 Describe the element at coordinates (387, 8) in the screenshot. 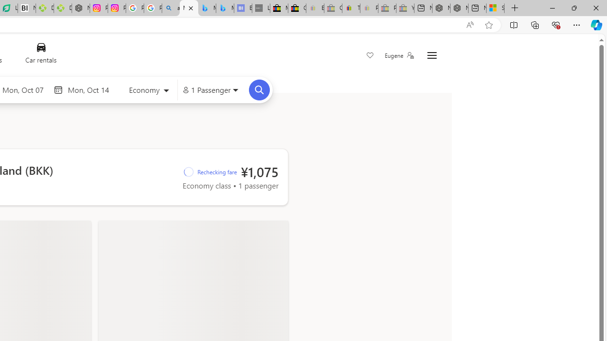

I see `'Press Room - eBay Inc. - Sleeping'` at that location.